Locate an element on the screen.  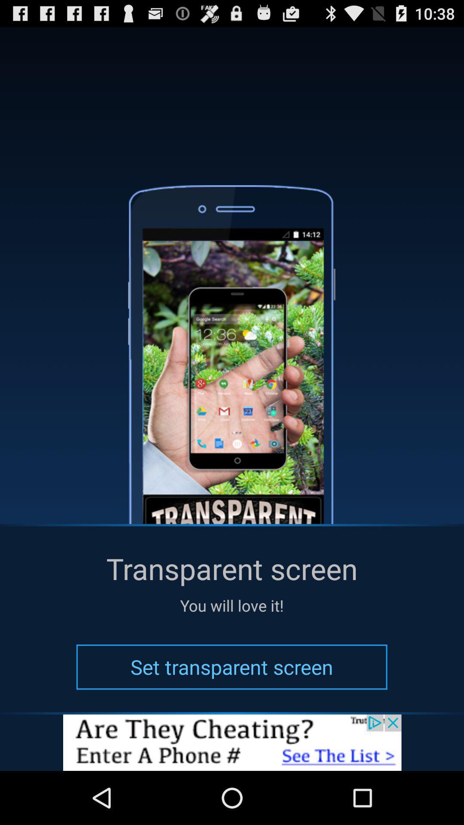
advertisement is located at coordinates (232, 742).